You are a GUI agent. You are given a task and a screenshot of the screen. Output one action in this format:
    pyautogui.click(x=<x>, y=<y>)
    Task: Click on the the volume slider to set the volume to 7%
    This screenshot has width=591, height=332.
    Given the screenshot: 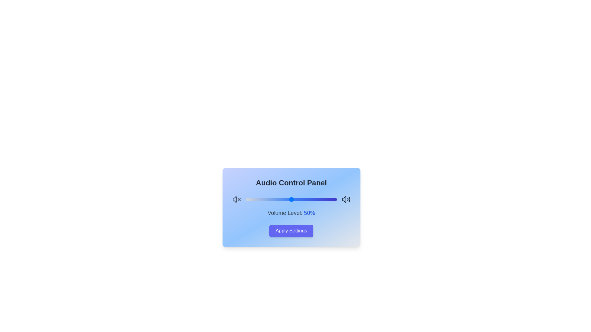 What is the action you would take?
    pyautogui.click(x=252, y=199)
    